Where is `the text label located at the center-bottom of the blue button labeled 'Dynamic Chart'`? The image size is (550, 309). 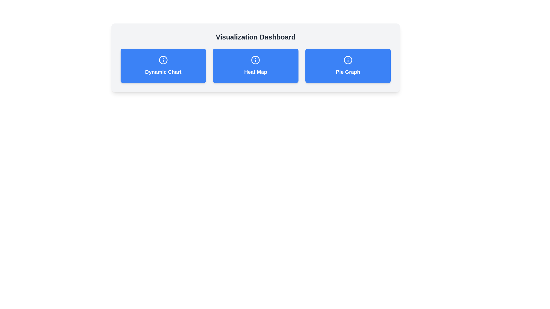
the text label located at the center-bottom of the blue button labeled 'Dynamic Chart' is located at coordinates (163, 72).